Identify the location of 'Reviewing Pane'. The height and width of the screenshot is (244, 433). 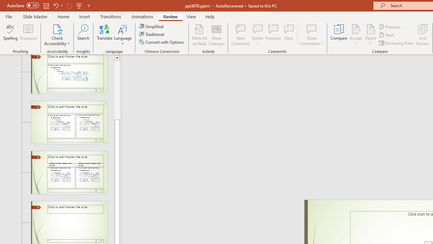
(397, 43).